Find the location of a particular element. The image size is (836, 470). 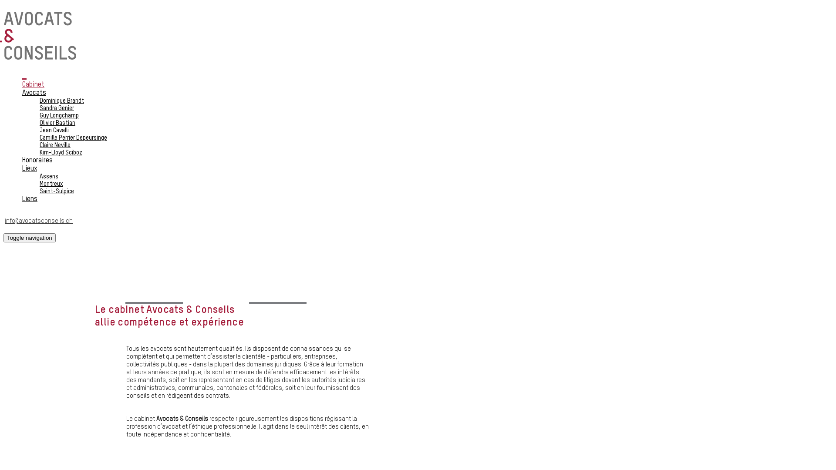

'Claire Neville' is located at coordinates (37, 145).